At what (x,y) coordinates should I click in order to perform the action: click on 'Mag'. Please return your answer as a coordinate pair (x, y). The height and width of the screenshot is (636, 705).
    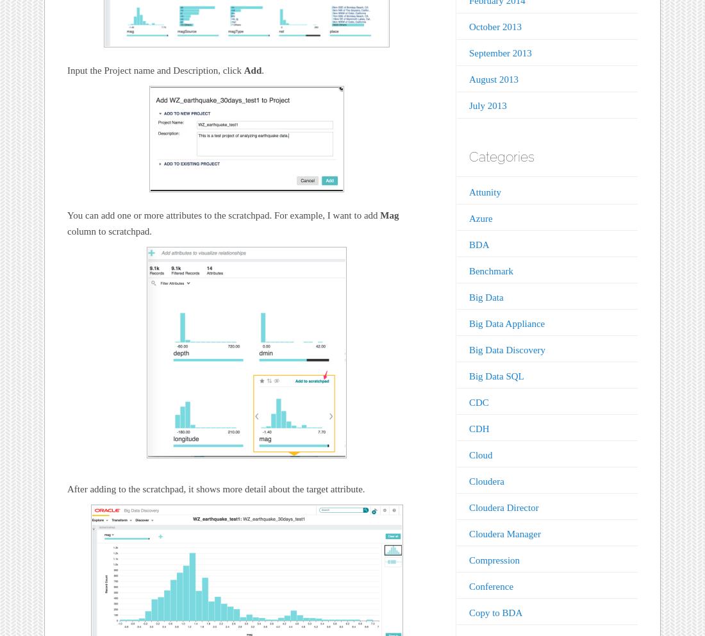
    Looking at the image, I should click on (388, 214).